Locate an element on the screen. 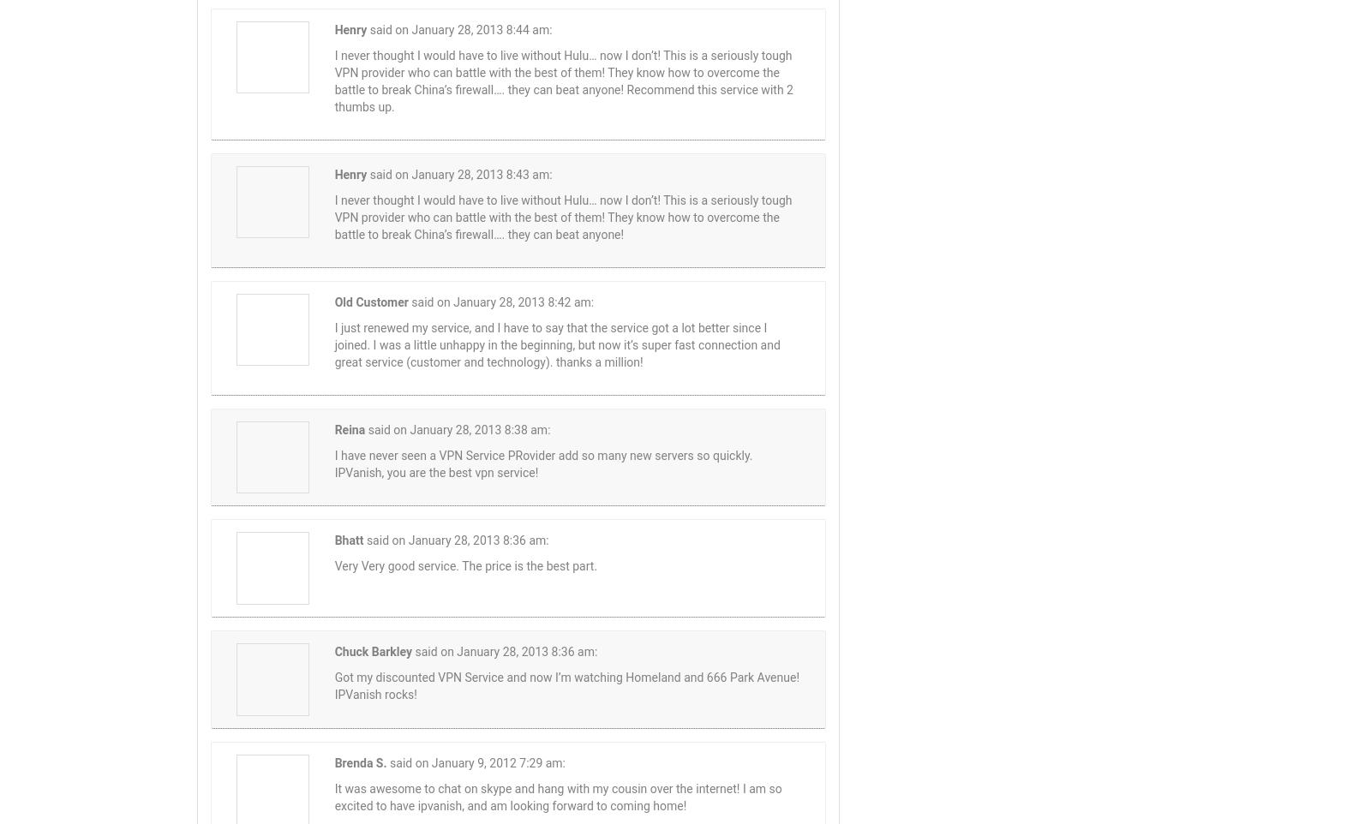 The height and width of the screenshot is (824, 1371). 'I have never seen a VPN Service PRovider add so many new servers so quickly. IPVanish, you are the best vpn service!' is located at coordinates (542, 463).